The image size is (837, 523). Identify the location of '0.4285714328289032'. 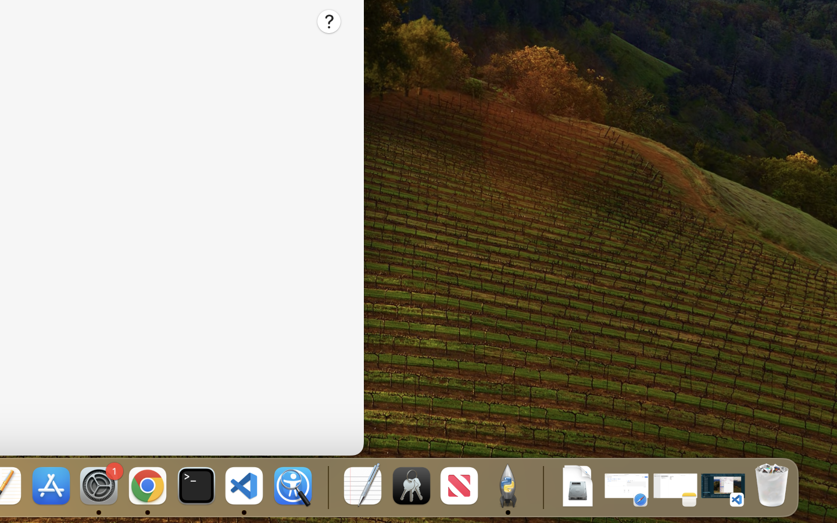
(327, 486).